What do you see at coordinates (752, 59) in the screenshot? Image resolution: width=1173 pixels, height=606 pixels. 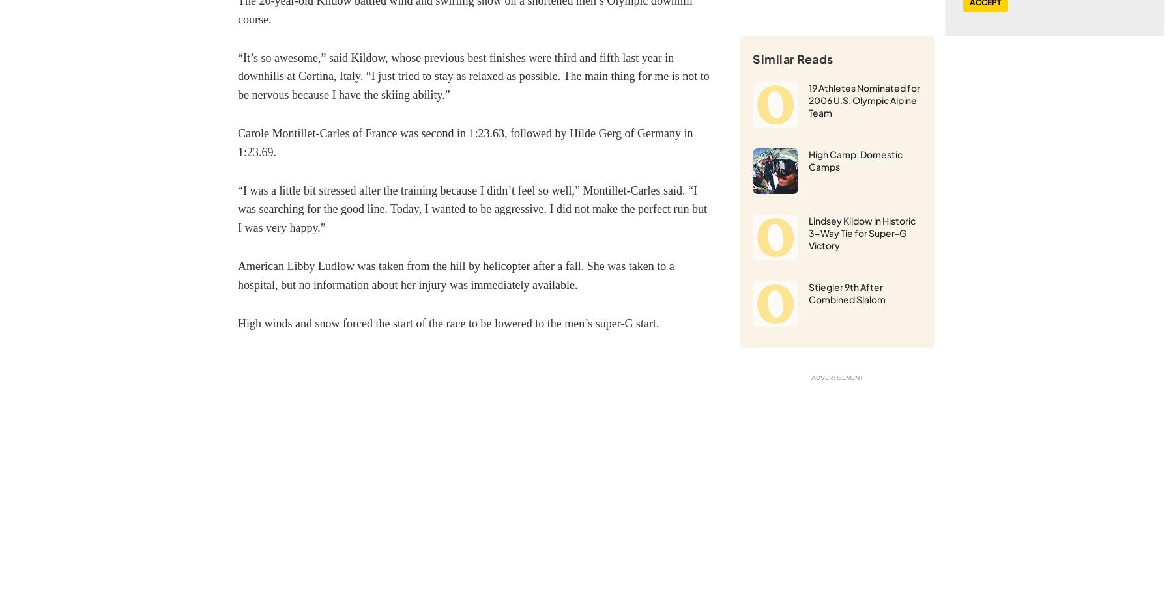 I see `'Similar Reads'` at bounding box center [752, 59].